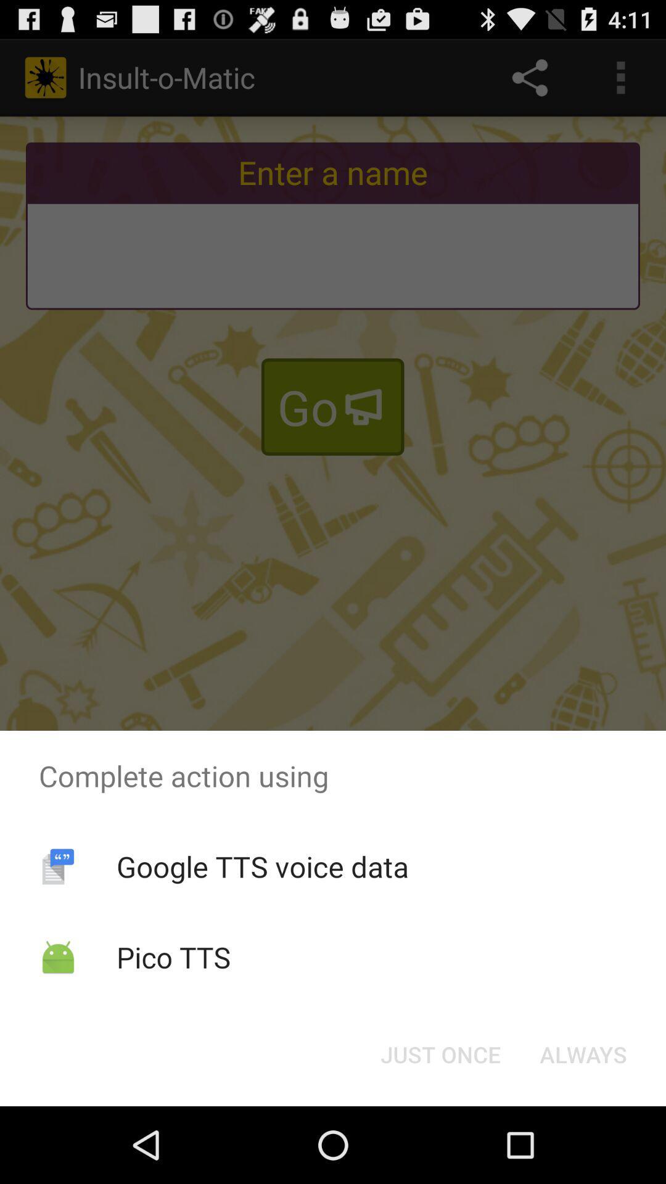 This screenshot has width=666, height=1184. Describe the element at coordinates (261, 866) in the screenshot. I see `the app above pico tts app` at that location.